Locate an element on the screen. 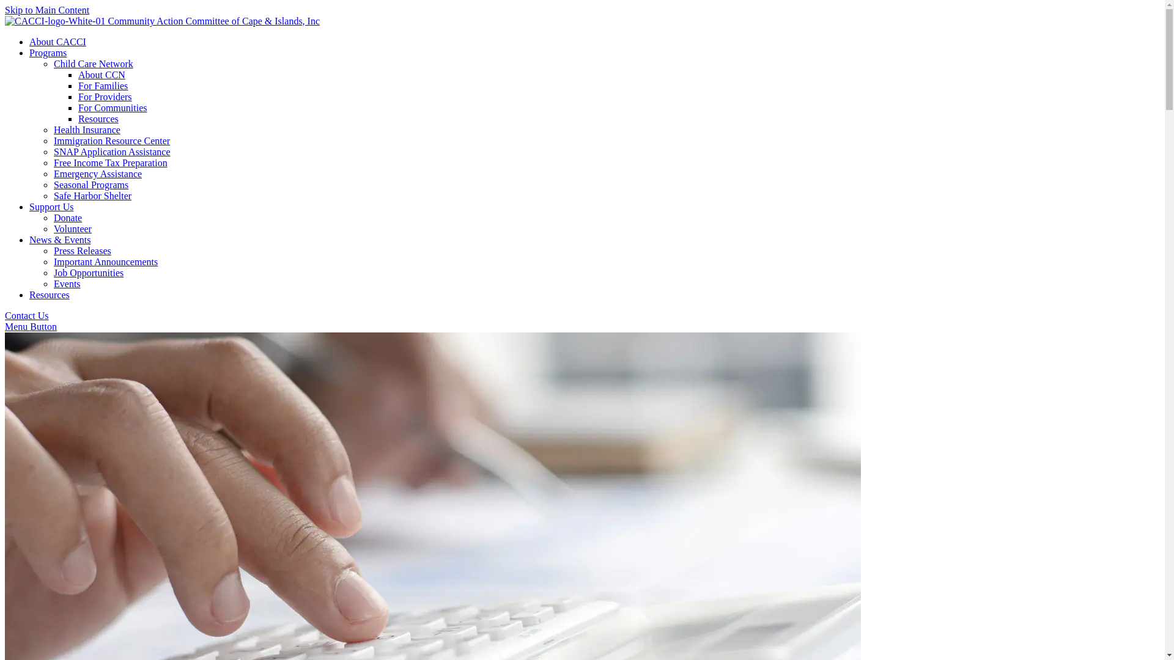 The width and height of the screenshot is (1174, 660). 'Skip to Main Content' is located at coordinates (46, 10).